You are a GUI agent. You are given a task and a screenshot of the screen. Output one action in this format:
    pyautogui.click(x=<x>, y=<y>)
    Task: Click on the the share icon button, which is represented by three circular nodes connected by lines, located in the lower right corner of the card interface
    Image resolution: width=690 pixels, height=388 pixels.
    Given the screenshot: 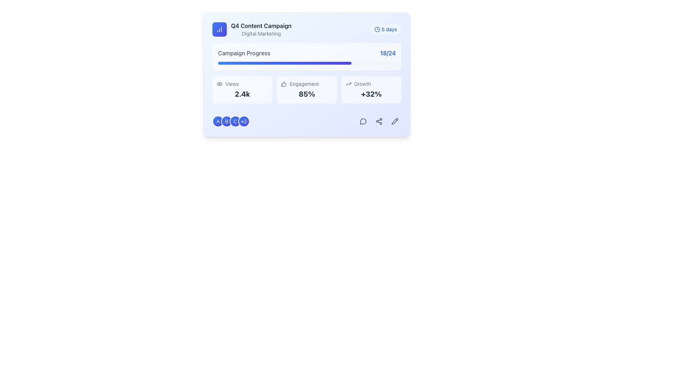 What is the action you would take?
    pyautogui.click(x=379, y=121)
    